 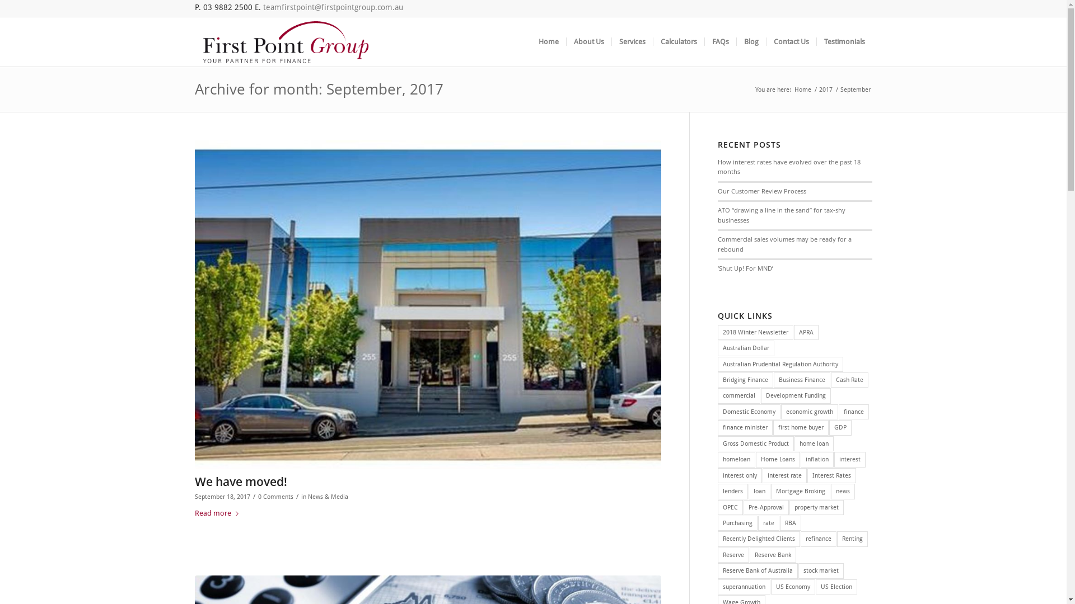 What do you see at coordinates (749, 412) in the screenshot?
I see `'Domestic Economy'` at bounding box center [749, 412].